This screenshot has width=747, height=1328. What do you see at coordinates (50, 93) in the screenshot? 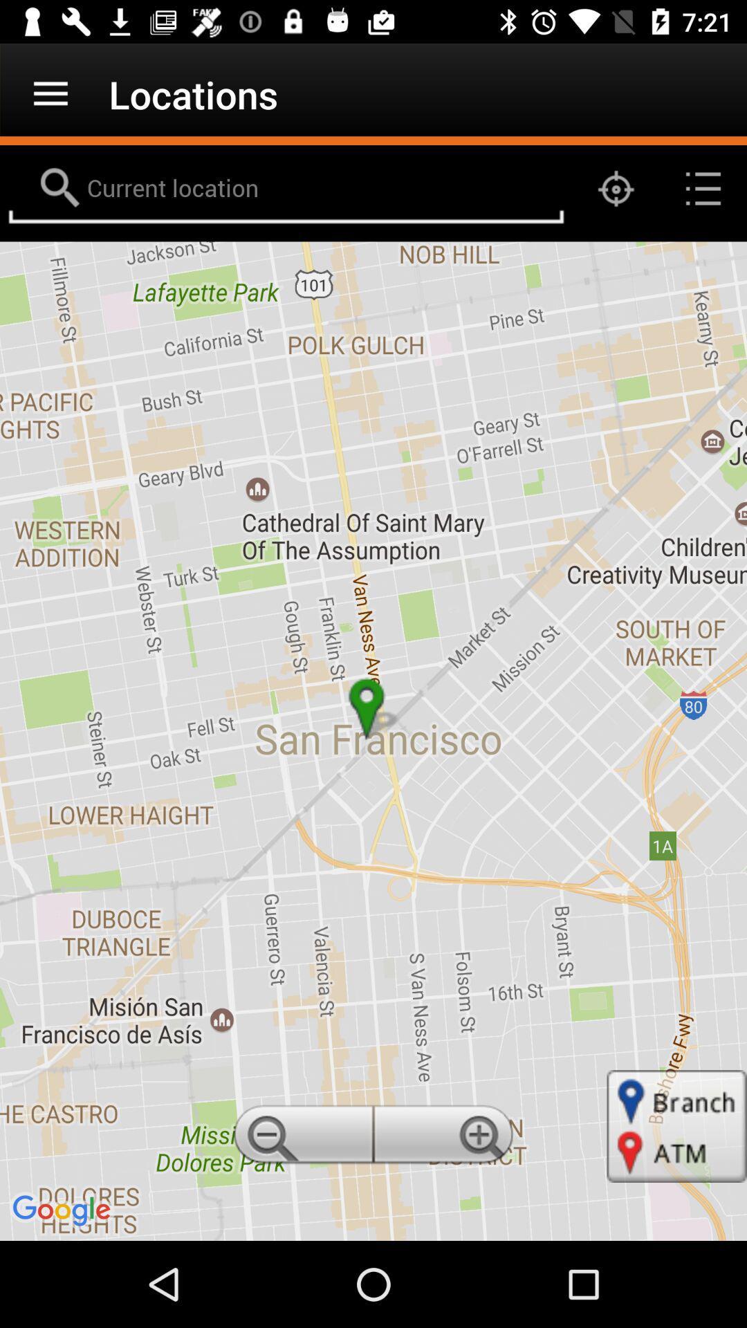
I see `app next to locations app` at bounding box center [50, 93].